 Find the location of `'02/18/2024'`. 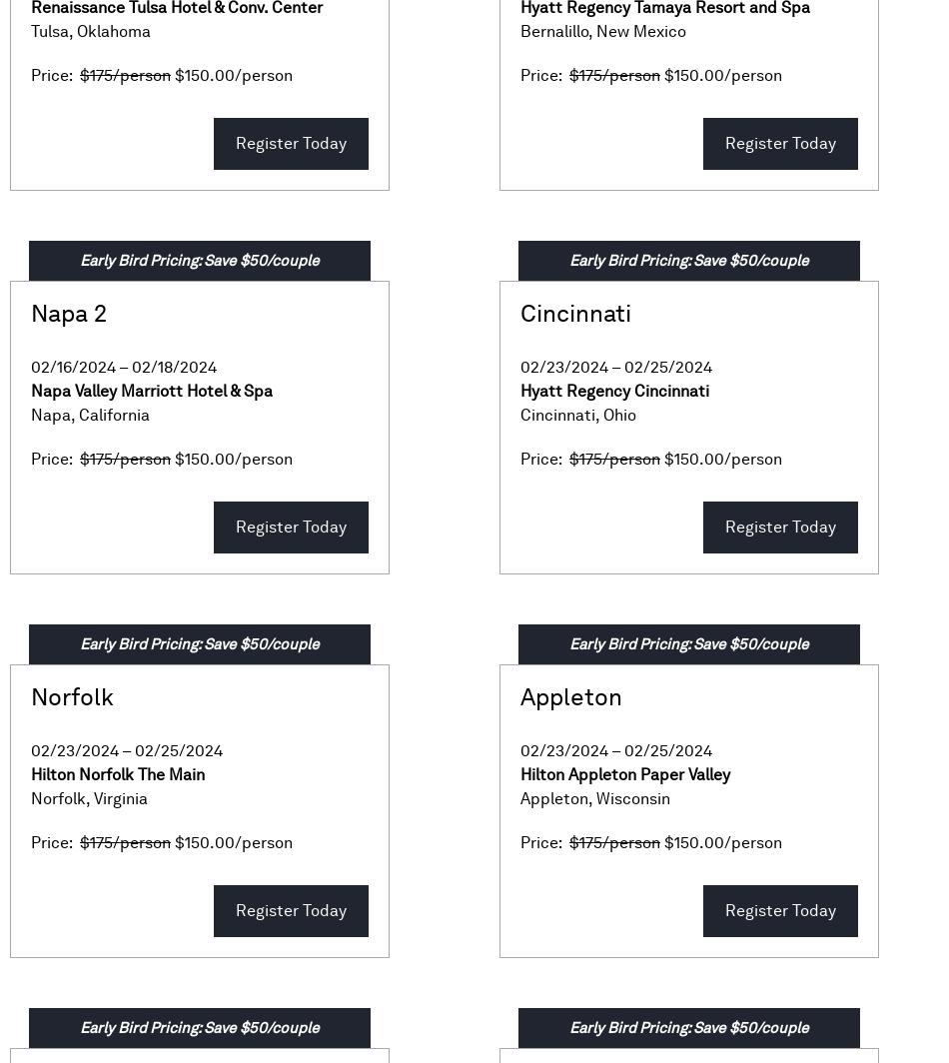

'02/18/2024' is located at coordinates (174, 367).